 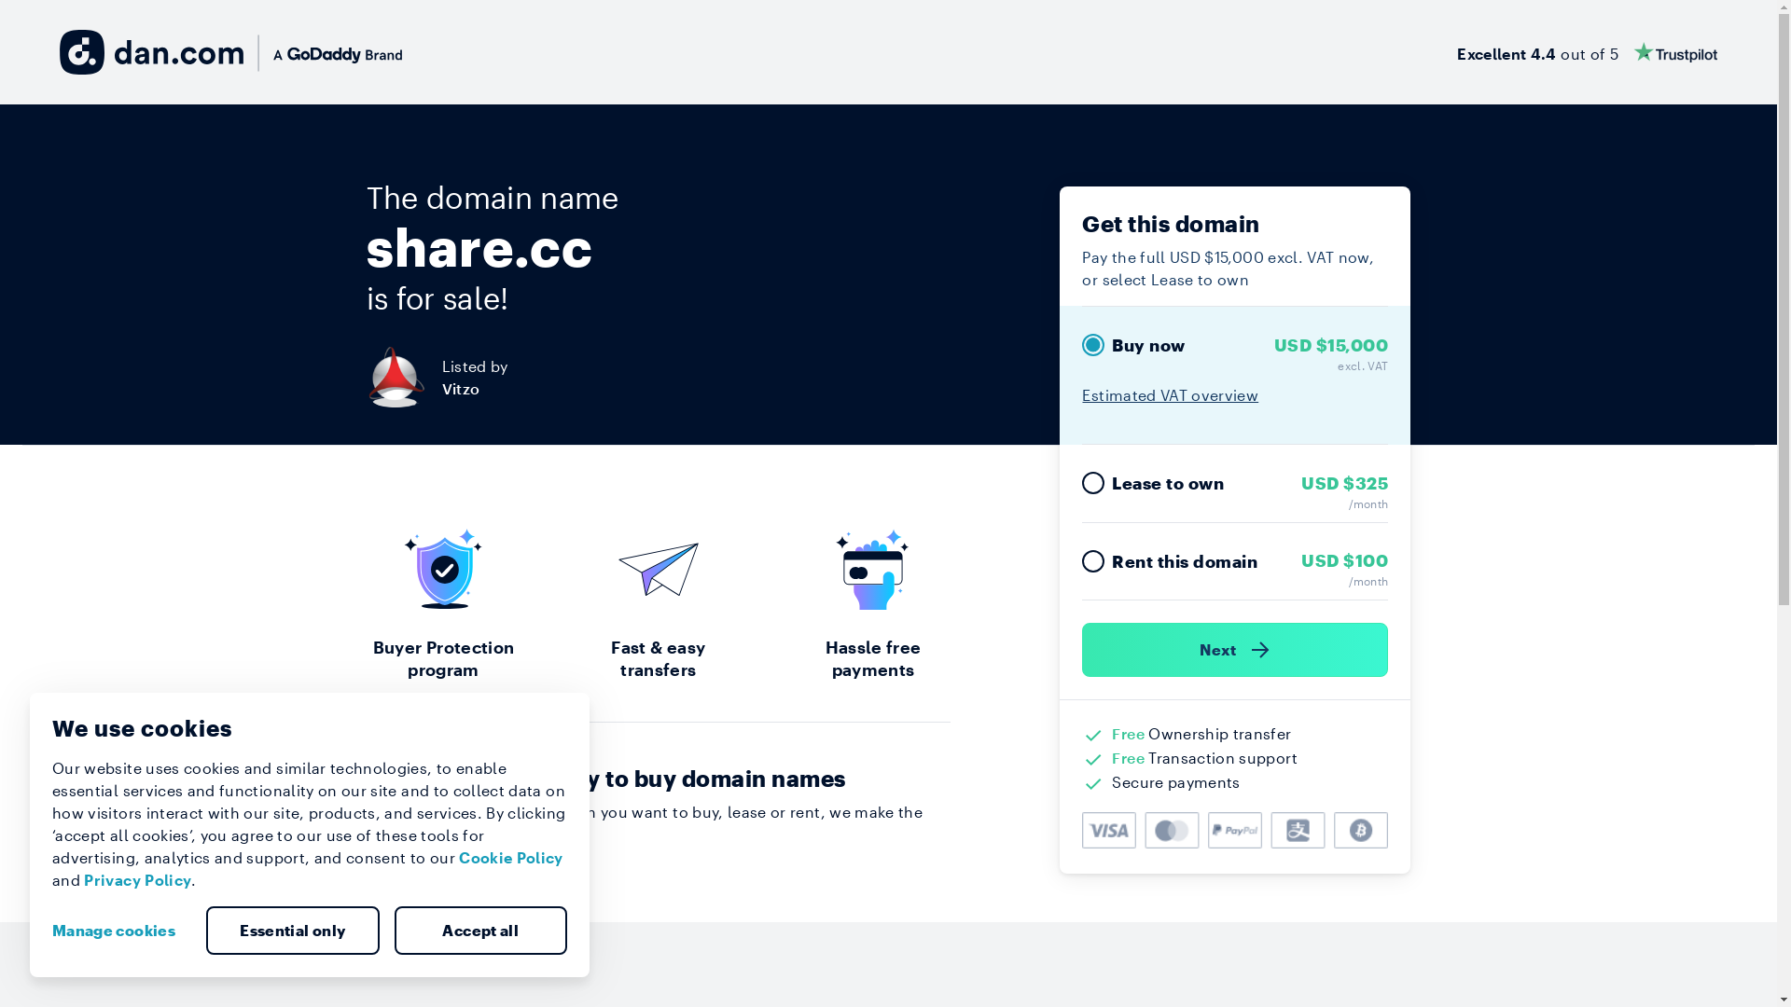 What do you see at coordinates (510, 857) in the screenshot?
I see `'Cookie Policy'` at bounding box center [510, 857].